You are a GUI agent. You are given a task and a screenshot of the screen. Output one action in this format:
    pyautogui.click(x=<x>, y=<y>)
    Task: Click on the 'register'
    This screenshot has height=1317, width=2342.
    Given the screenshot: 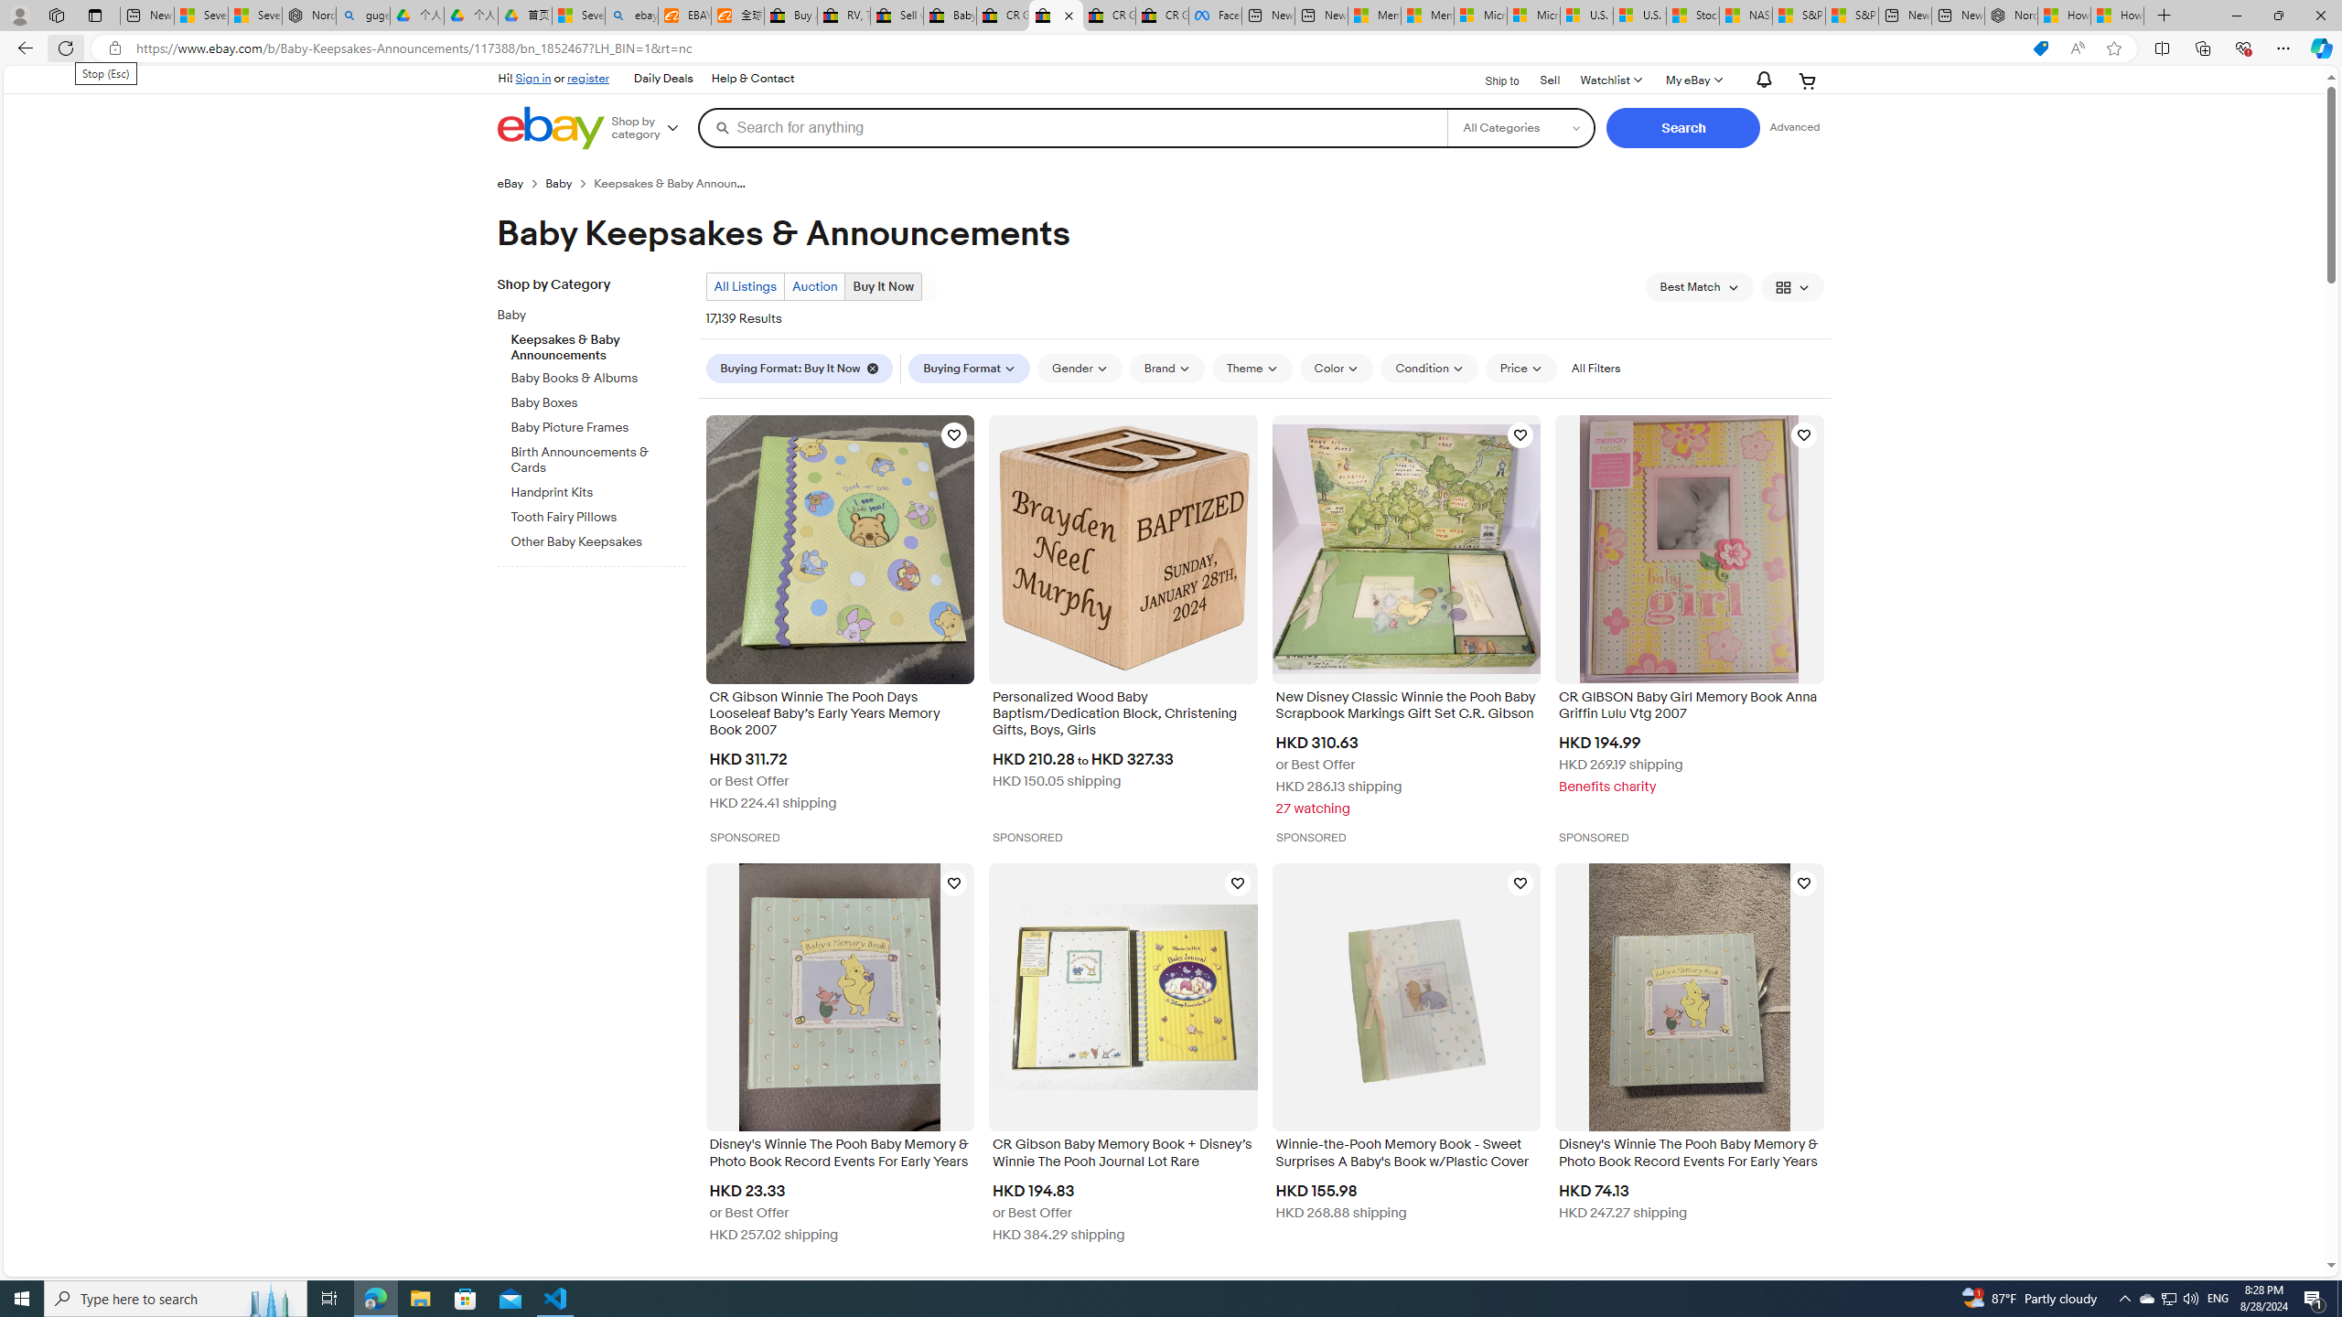 What is the action you would take?
    pyautogui.click(x=588, y=77)
    